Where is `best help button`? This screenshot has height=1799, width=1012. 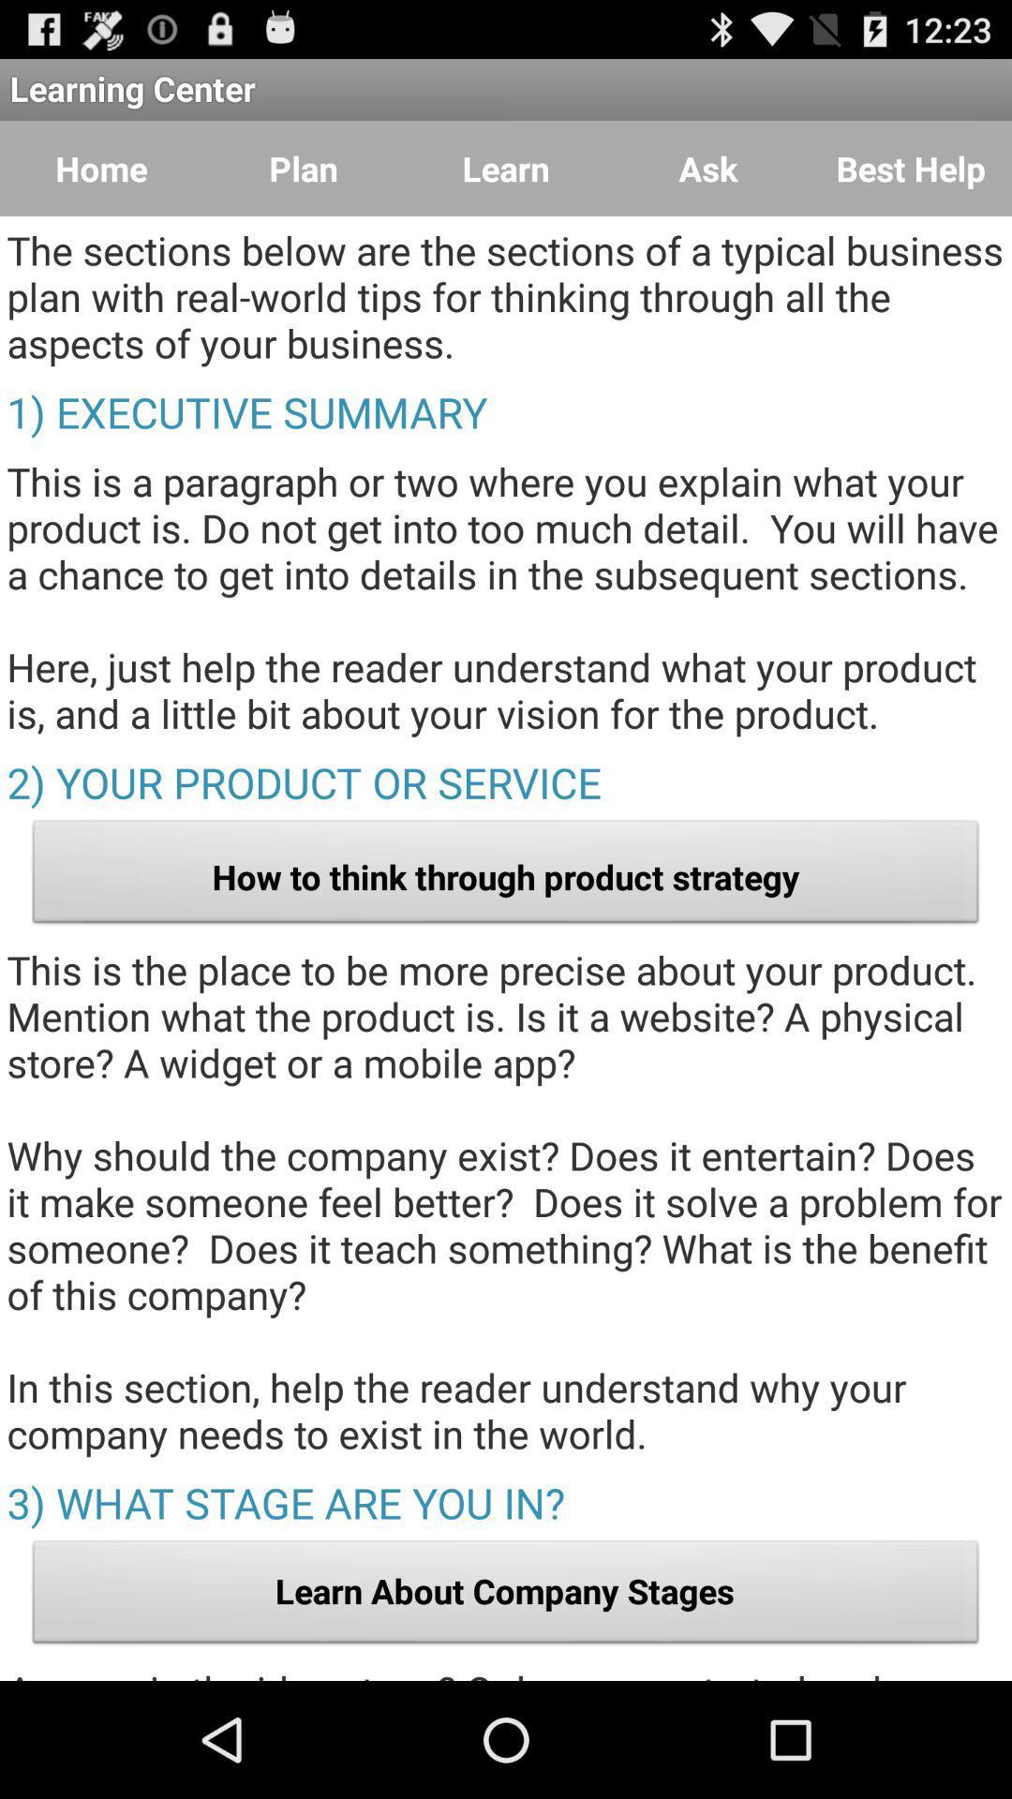
best help button is located at coordinates (910, 169).